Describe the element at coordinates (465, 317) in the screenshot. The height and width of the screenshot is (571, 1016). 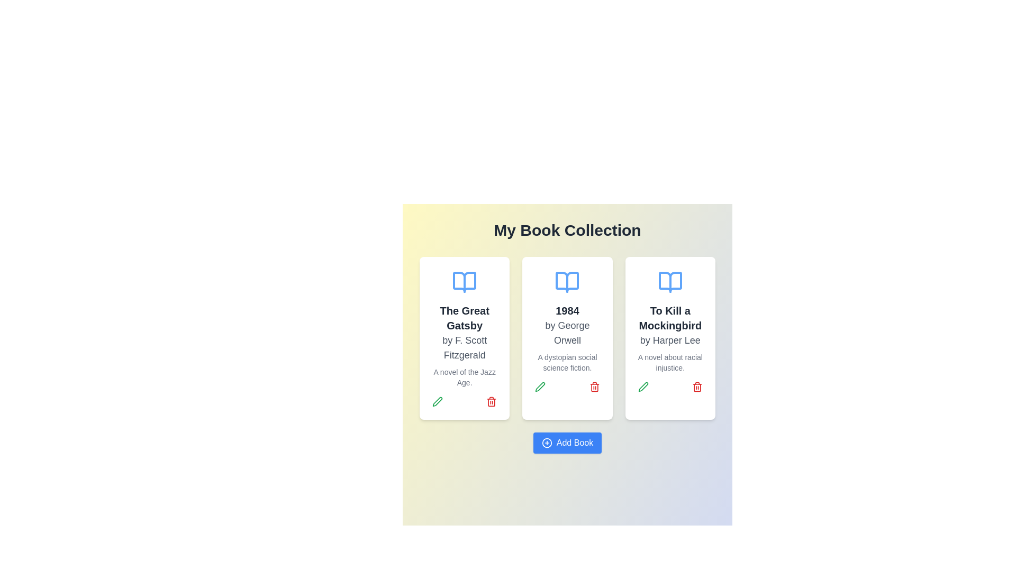
I see `text label that identifies the book 'The Great Gatsby', located in the first card of a grid layout, positioned below an open book icon and above the author text 'by F. Scott Fitzgerald'` at that location.